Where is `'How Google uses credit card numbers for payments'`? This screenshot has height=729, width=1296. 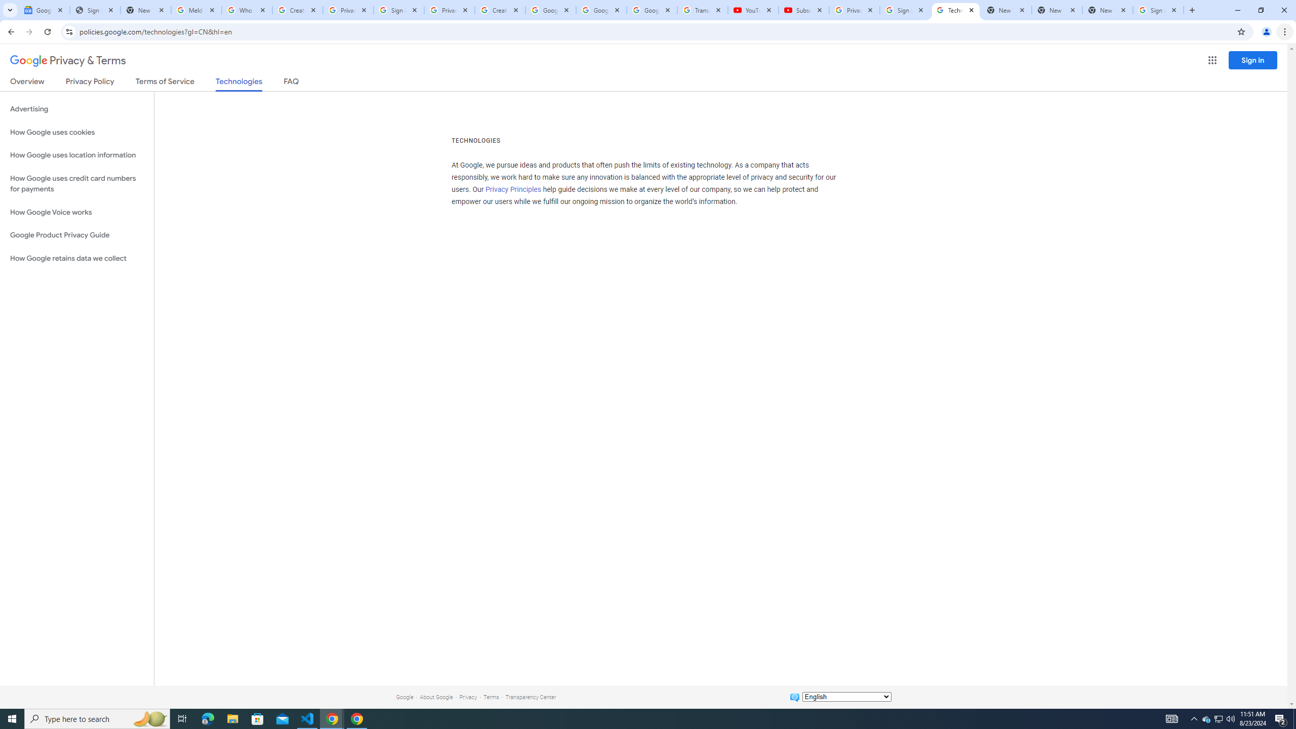 'How Google uses credit card numbers for payments' is located at coordinates (76, 183).